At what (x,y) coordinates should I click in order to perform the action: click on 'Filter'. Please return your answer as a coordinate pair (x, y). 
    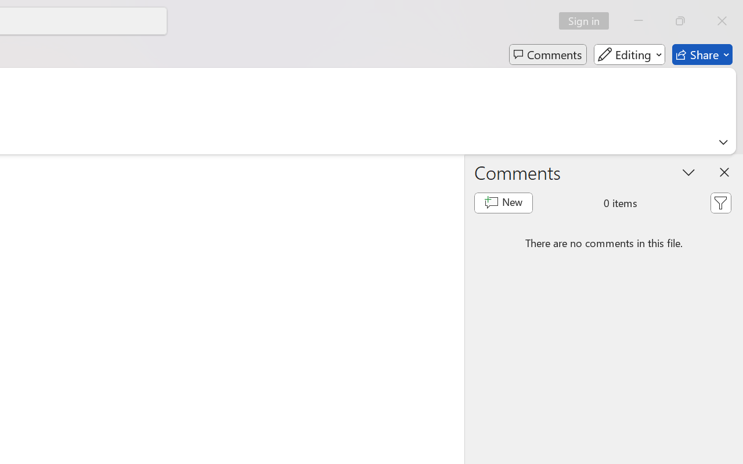
    Looking at the image, I should click on (720, 203).